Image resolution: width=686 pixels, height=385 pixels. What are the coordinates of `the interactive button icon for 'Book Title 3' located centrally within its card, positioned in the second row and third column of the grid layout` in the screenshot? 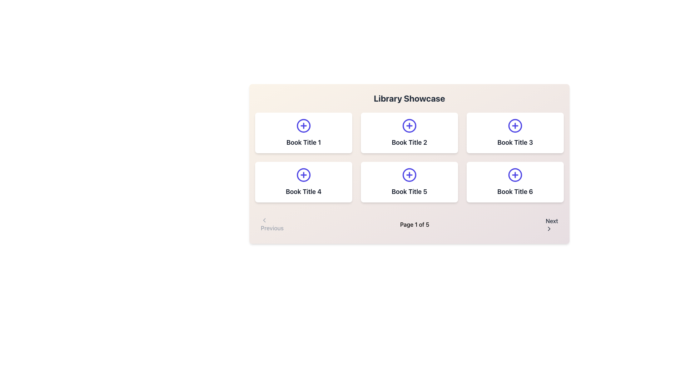 It's located at (515, 125).